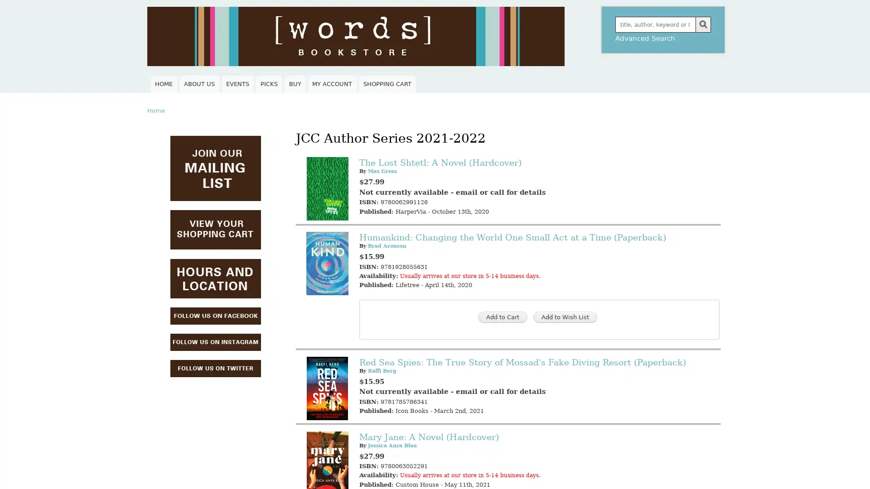 This screenshot has height=489, width=870. Describe the element at coordinates (702, 24) in the screenshot. I see `Search` at that location.